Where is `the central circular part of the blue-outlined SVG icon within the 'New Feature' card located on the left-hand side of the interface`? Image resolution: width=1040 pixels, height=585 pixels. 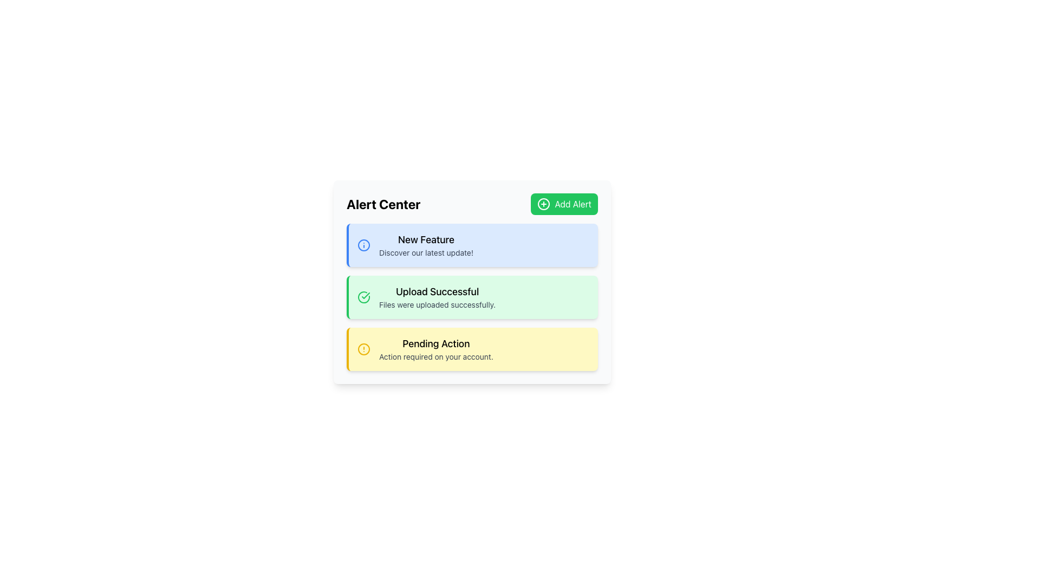 the central circular part of the blue-outlined SVG icon within the 'New Feature' card located on the left-hand side of the interface is located at coordinates (364, 245).